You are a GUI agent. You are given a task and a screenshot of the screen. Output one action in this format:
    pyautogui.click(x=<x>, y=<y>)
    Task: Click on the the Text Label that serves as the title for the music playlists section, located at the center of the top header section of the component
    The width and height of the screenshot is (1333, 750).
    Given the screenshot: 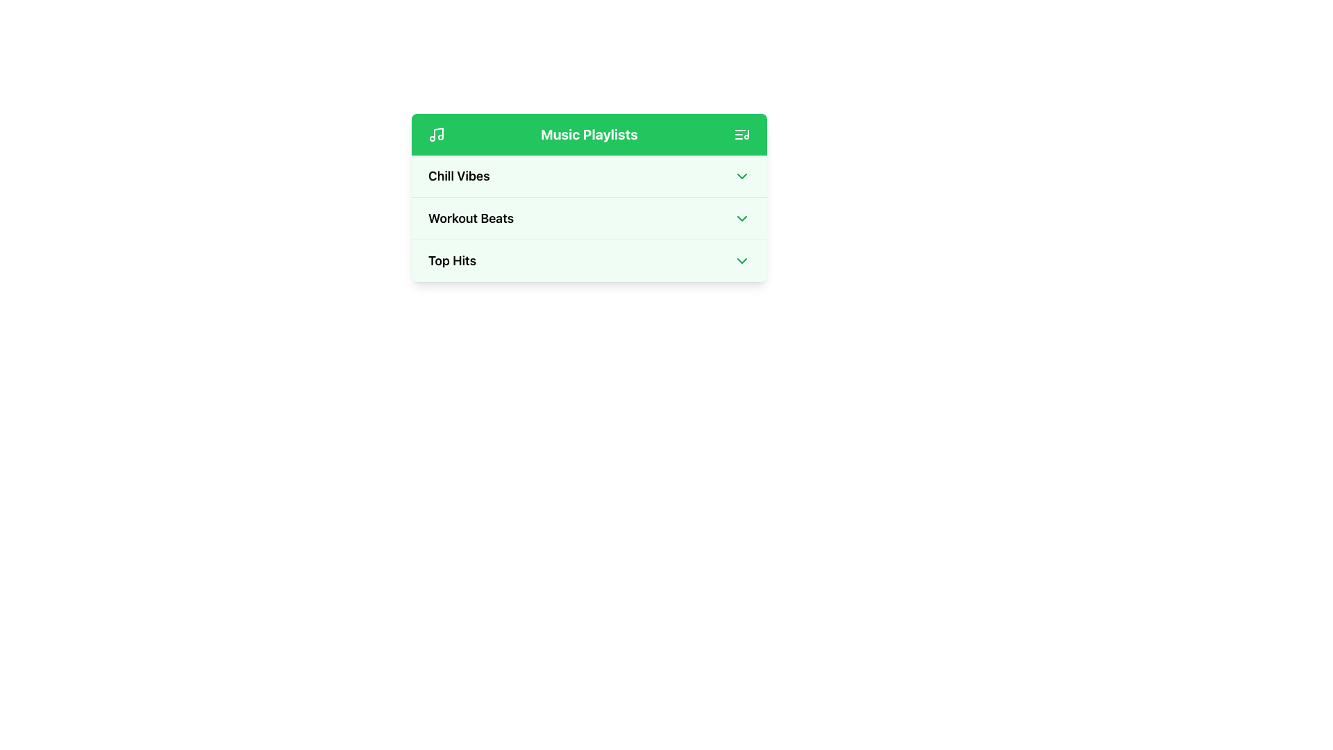 What is the action you would take?
    pyautogui.click(x=589, y=134)
    